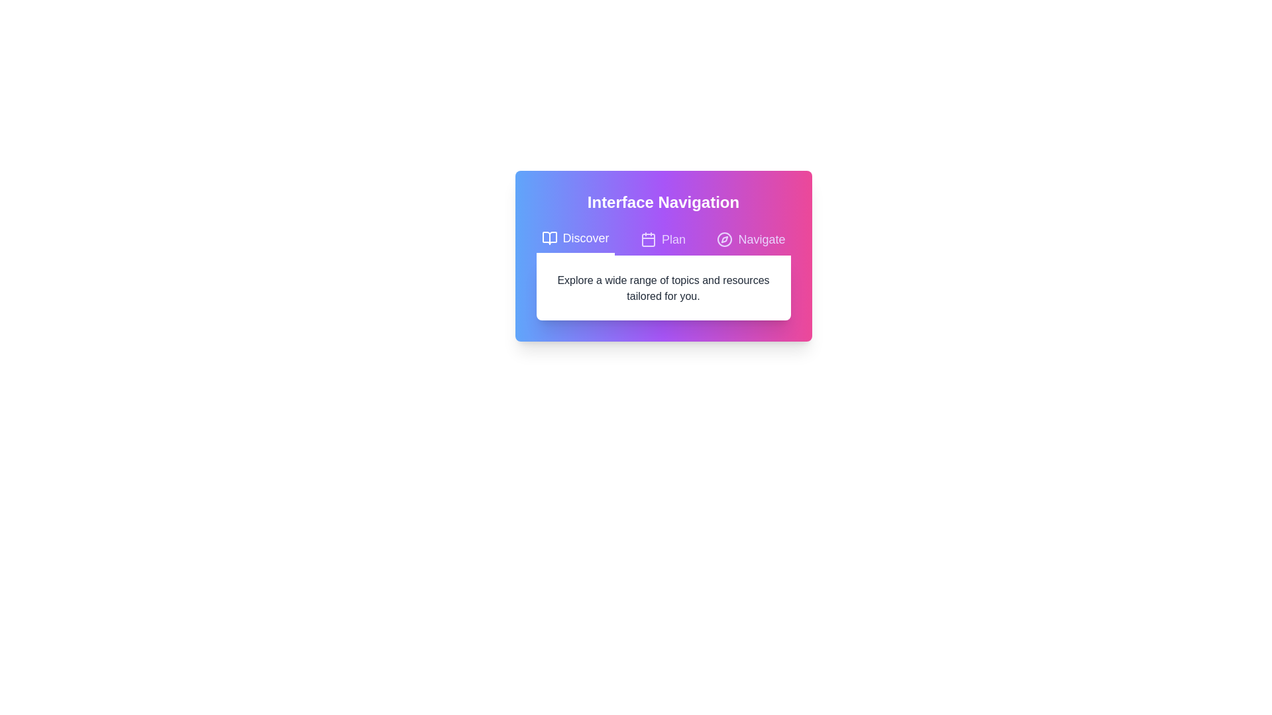  Describe the element at coordinates (584, 237) in the screenshot. I see `the 'Discover' text label embedded within the first tab of the horizontal navigation bar` at that location.